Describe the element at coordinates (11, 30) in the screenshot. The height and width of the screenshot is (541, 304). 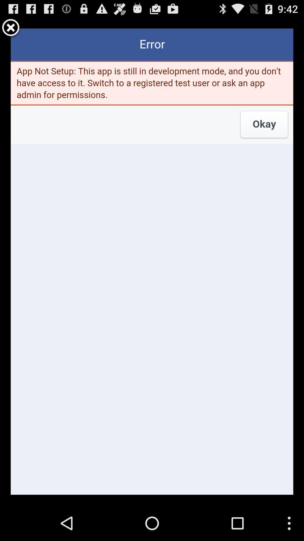
I see `the close icon` at that location.